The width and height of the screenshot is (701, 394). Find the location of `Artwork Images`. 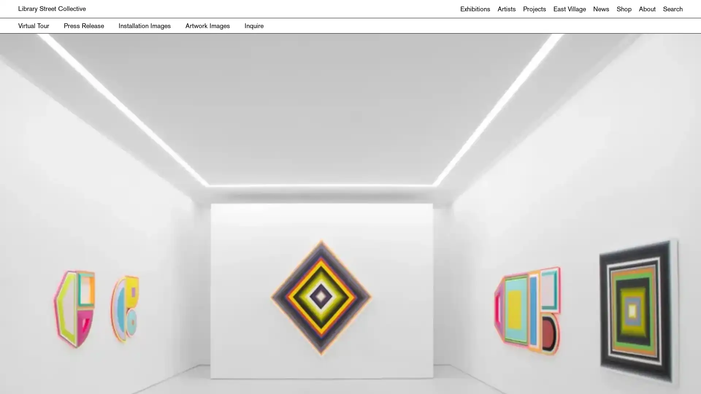

Artwork Images is located at coordinates (207, 25).